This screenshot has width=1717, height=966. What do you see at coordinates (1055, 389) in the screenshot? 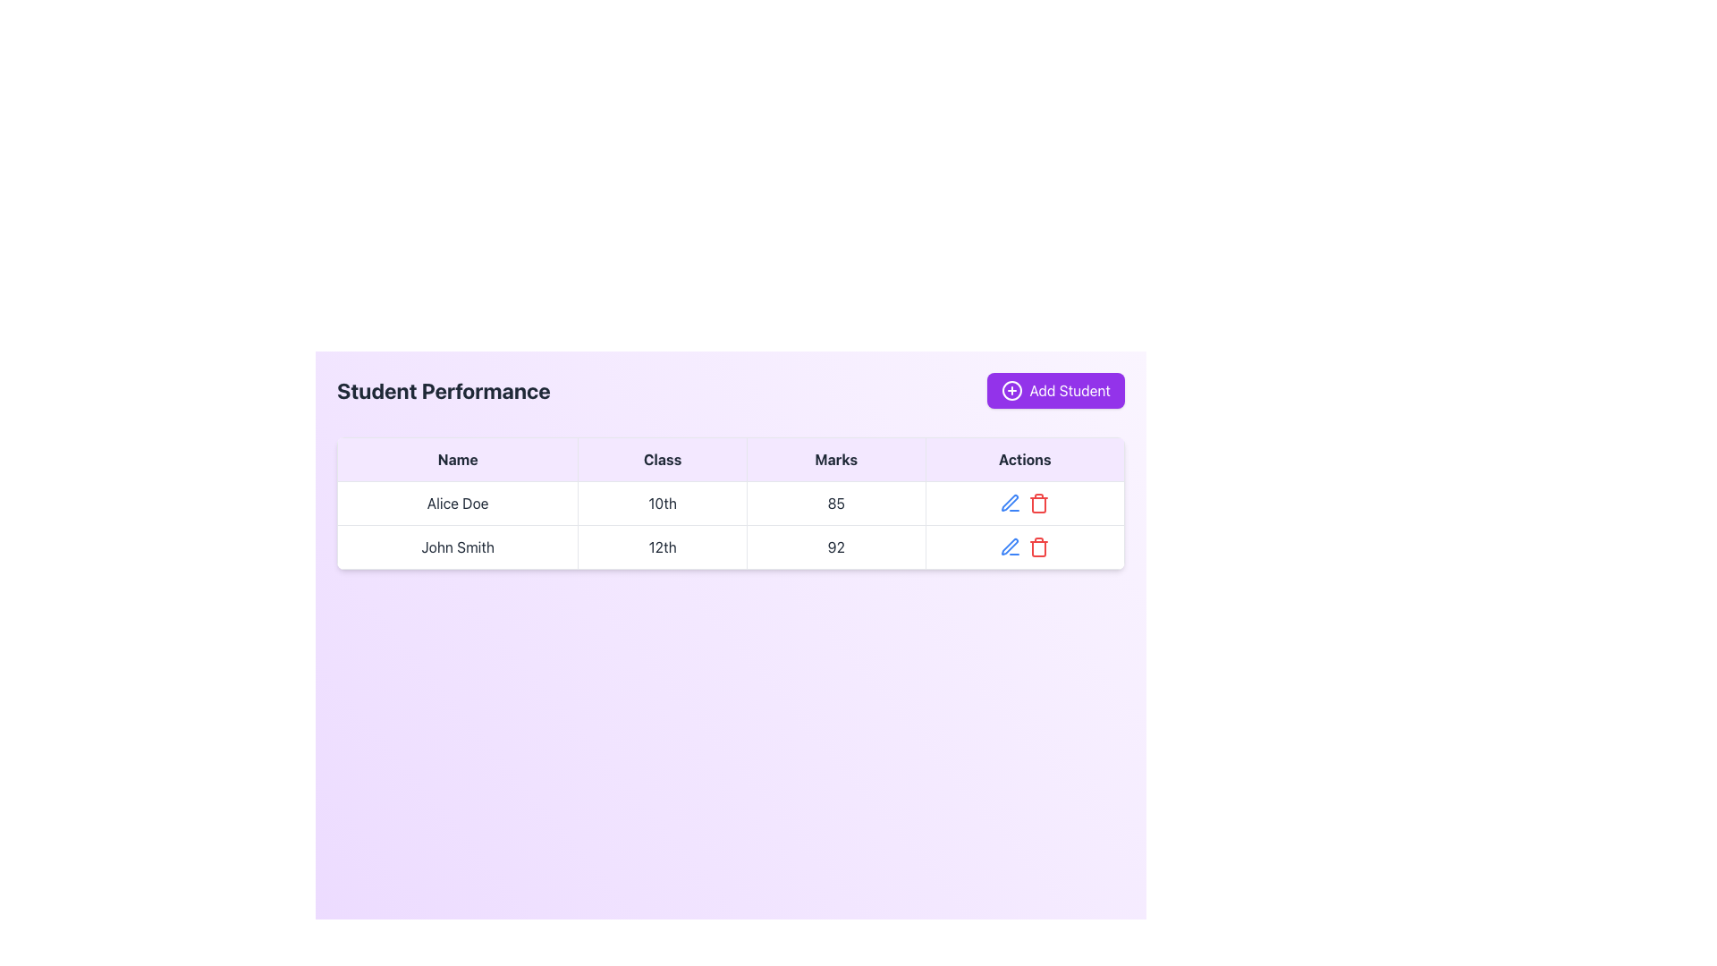
I see `the 'Add Student' button, which is a rectangular button with a vibrant purple background, white text, and a circular '+' icon, located in the top-right corner of the 'Student Performance' section` at bounding box center [1055, 389].